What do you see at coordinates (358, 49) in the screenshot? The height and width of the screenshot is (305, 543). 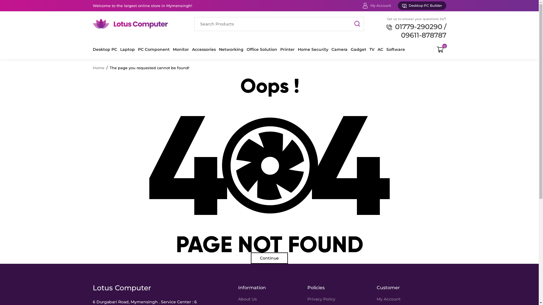 I see `'Gadget'` at bounding box center [358, 49].